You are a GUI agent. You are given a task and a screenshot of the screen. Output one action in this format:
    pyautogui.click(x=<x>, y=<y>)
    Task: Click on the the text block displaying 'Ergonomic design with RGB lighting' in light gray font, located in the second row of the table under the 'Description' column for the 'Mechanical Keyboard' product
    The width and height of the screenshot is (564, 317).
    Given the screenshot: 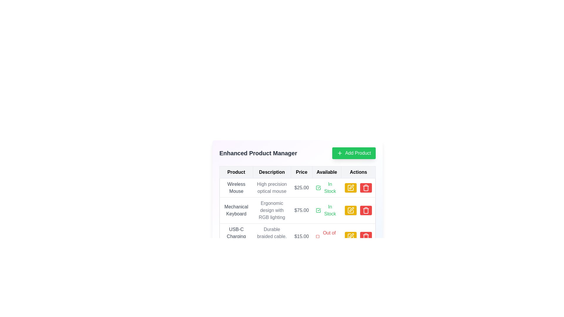 What is the action you would take?
    pyautogui.click(x=271, y=210)
    